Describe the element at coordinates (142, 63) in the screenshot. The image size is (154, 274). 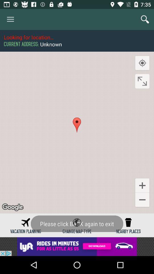
I see `the location_crosshair icon` at that location.